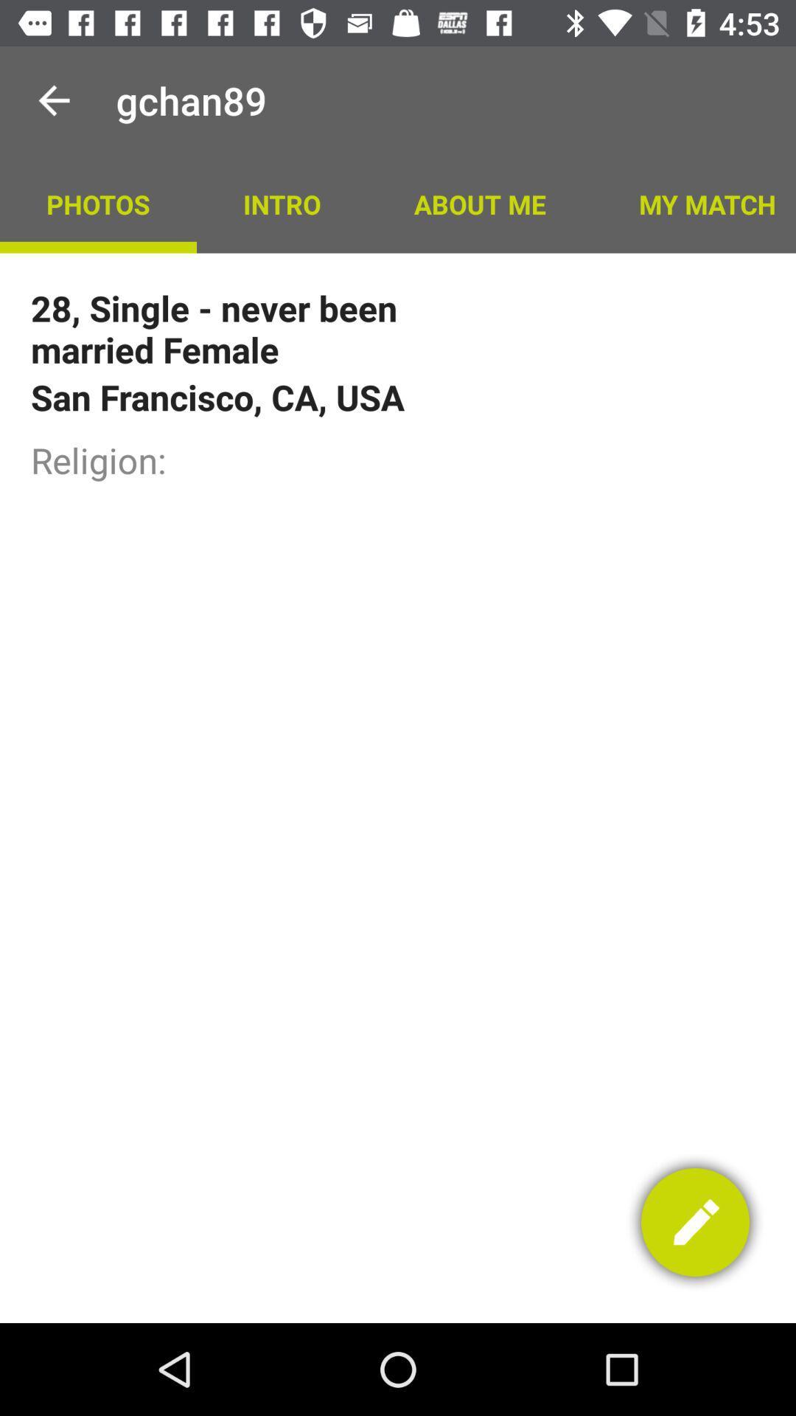 The image size is (796, 1416). What do you see at coordinates (282, 203) in the screenshot?
I see `app to the right of photos app` at bounding box center [282, 203].